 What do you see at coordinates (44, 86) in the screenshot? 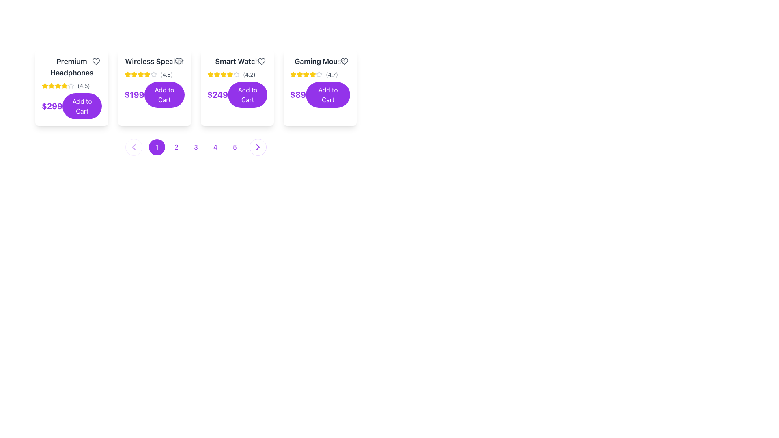
I see `the yellow star icon used for rating, which is the first star in the series located under the 'Premium Headphones' card` at bounding box center [44, 86].